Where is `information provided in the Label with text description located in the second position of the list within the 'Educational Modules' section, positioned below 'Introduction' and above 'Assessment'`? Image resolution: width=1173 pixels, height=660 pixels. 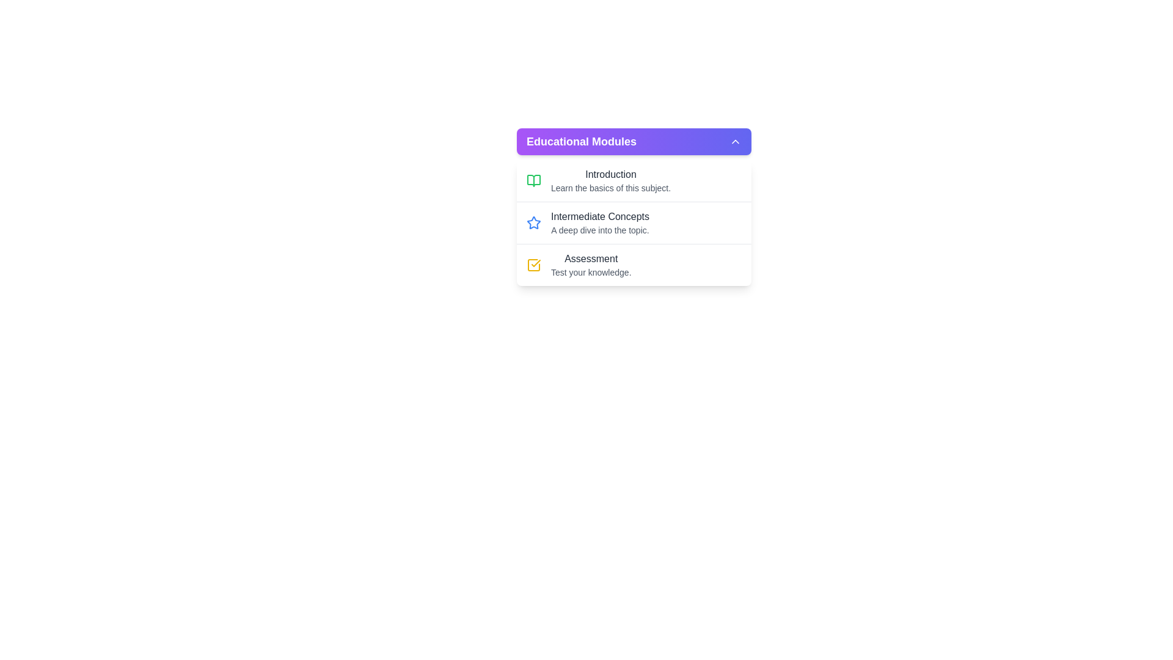 information provided in the Label with text description located in the second position of the list within the 'Educational Modules' section, positioned below 'Introduction' and above 'Assessment' is located at coordinates (600, 223).